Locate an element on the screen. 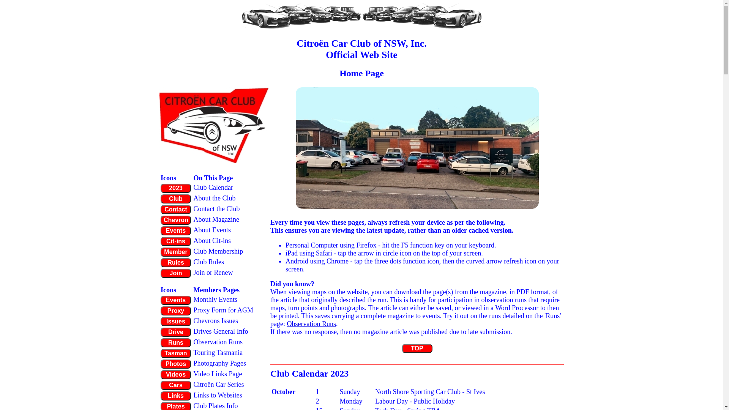  'Chevron' is located at coordinates (160, 220).